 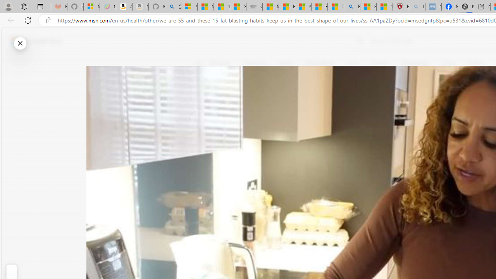 What do you see at coordinates (417, 7) in the screenshot?
I see `'list of asthma inhalers uk - Search - Sleeping'` at bounding box center [417, 7].